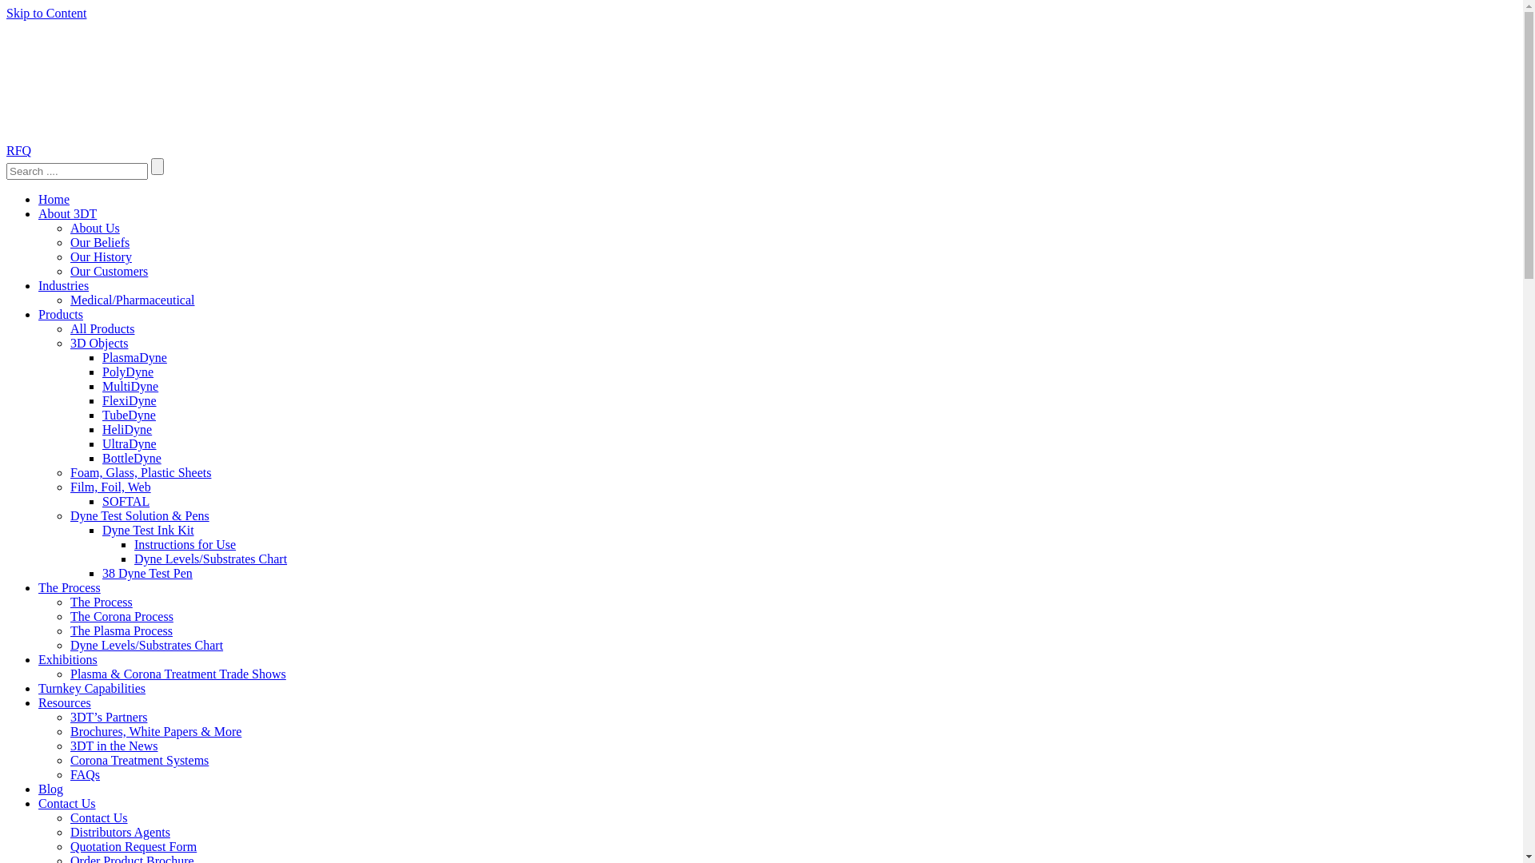 This screenshot has height=863, width=1535. I want to click on 'Exhibitions', so click(67, 659).